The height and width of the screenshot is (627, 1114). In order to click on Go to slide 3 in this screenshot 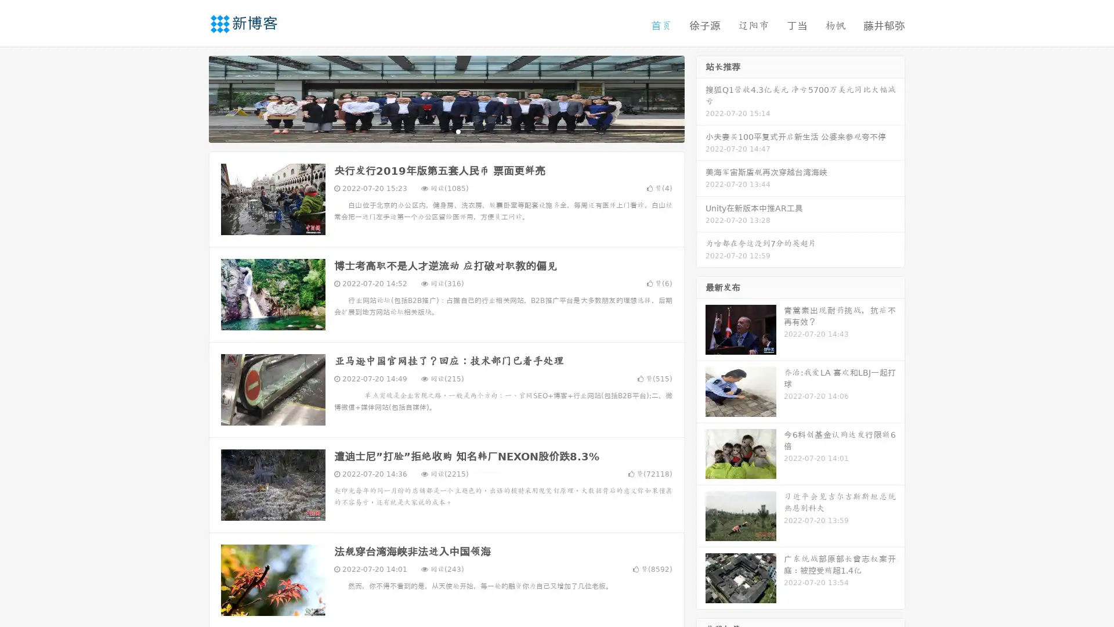, I will do `click(458, 131)`.